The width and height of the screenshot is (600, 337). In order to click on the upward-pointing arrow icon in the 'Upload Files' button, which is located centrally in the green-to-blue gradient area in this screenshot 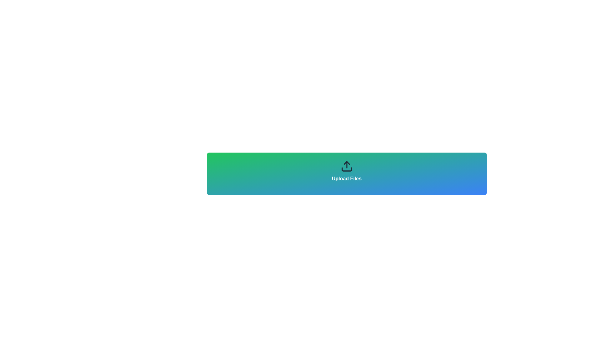, I will do `click(346, 163)`.